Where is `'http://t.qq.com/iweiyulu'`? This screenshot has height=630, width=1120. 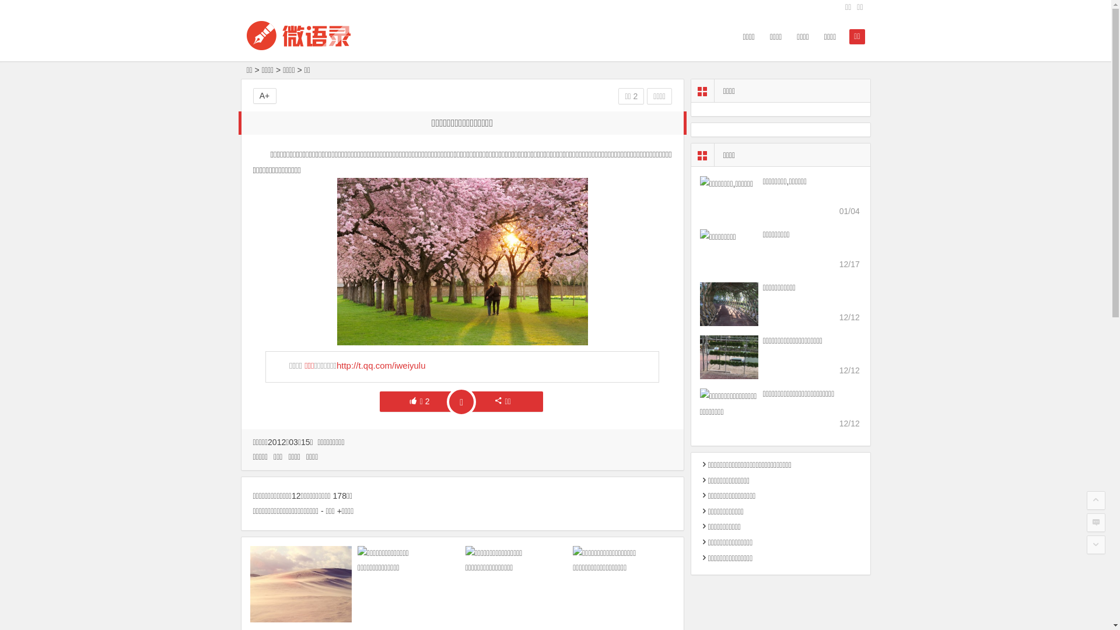 'http://t.qq.com/iweiyulu' is located at coordinates (381, 365).